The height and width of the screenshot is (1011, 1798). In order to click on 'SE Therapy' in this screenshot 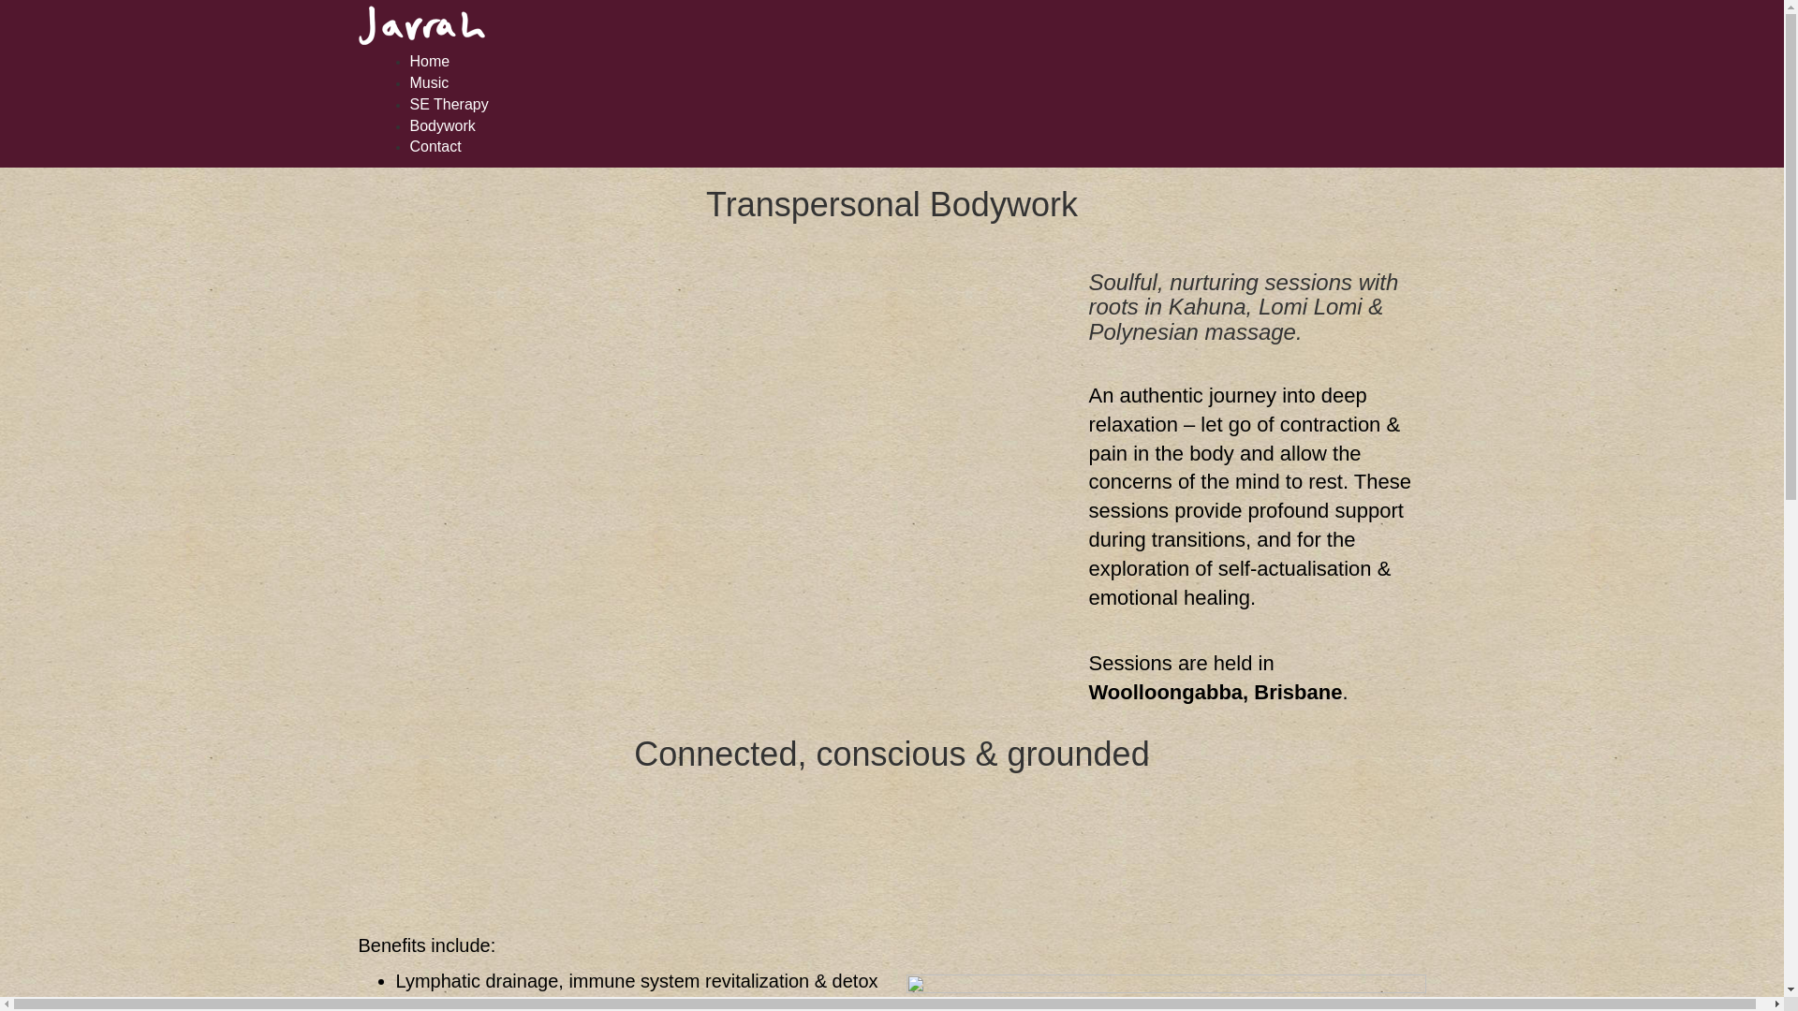, I will do `click(449, 104)`.